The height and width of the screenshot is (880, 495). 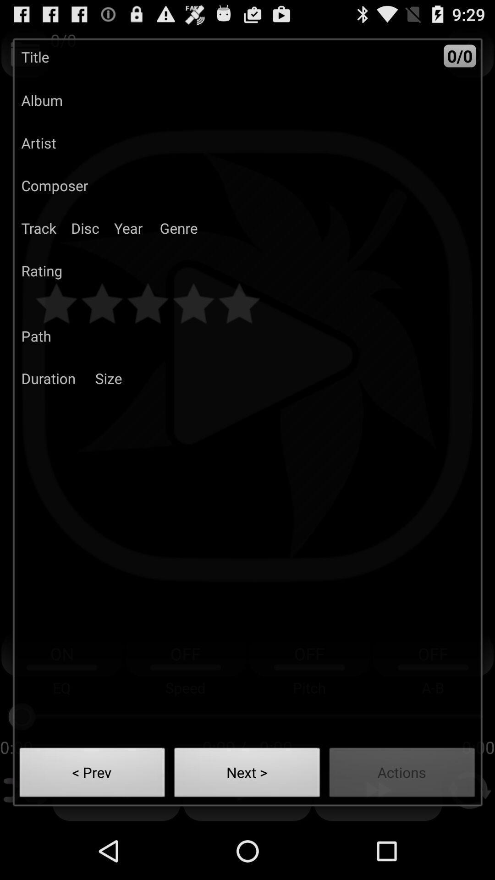 I want to click on the next >, so click(x=247, y=775).